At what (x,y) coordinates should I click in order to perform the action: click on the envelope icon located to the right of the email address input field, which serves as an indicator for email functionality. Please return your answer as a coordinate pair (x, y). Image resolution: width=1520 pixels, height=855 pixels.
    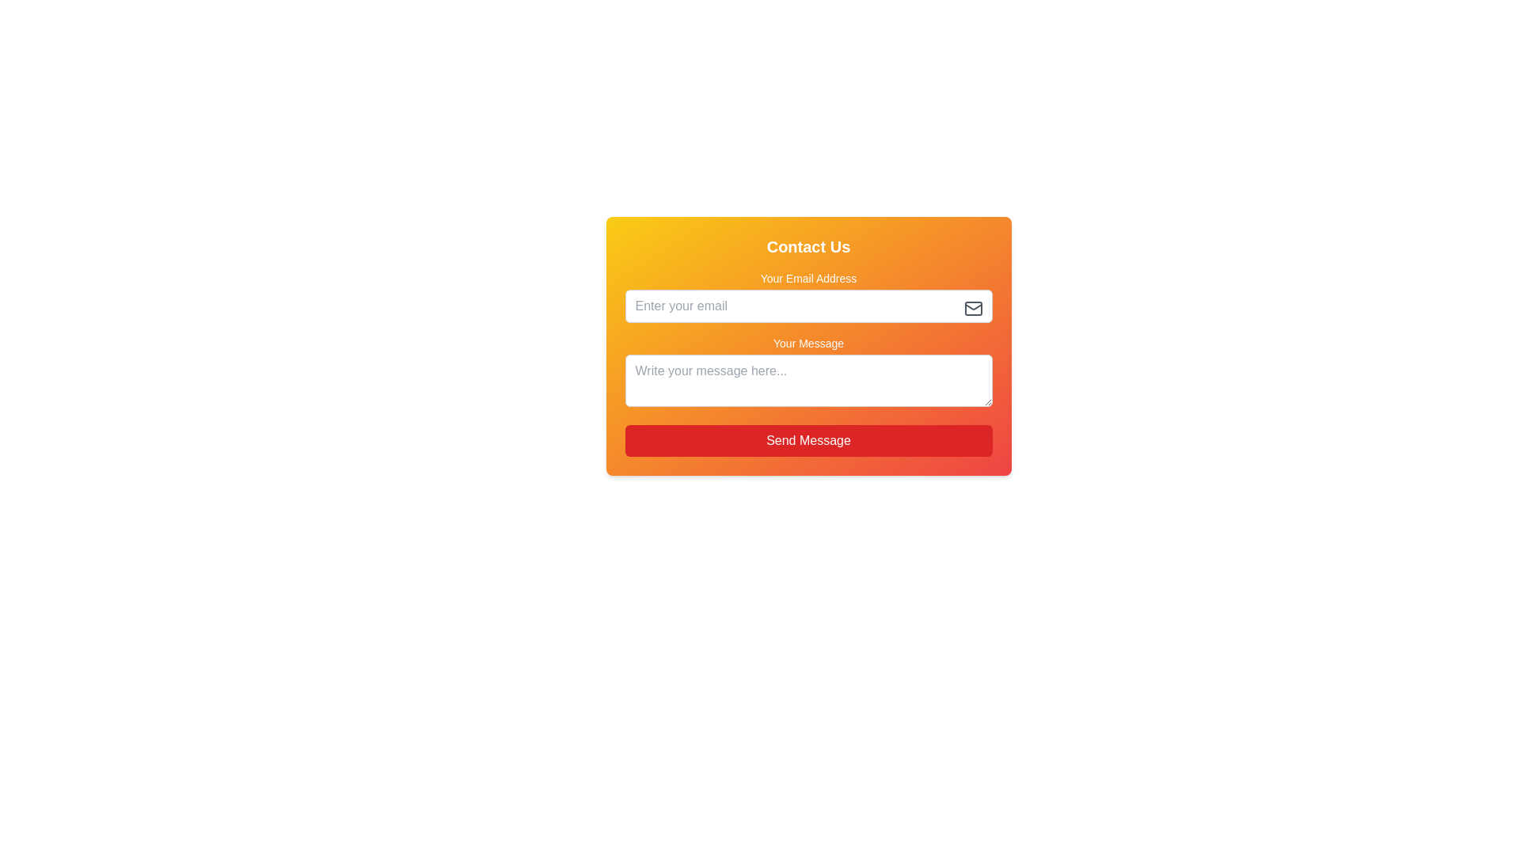
    Looking at the image, I should click on (972, 308).